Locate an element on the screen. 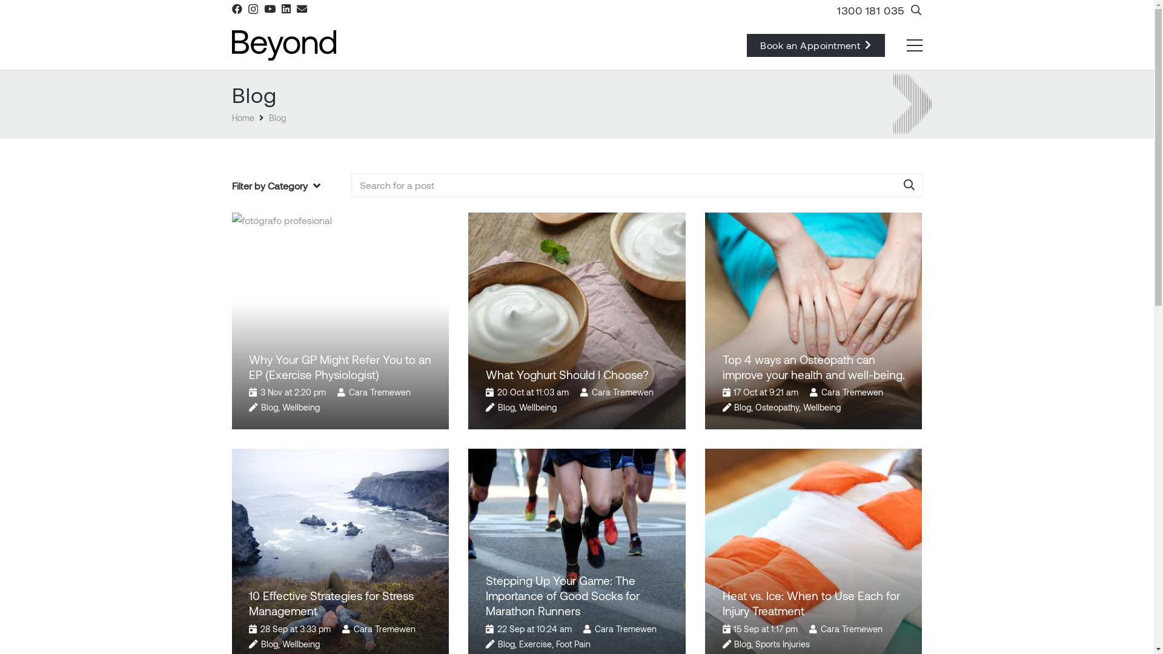 The image size is (1163, 654). 'Blog' is located at coordinates (506, 407).